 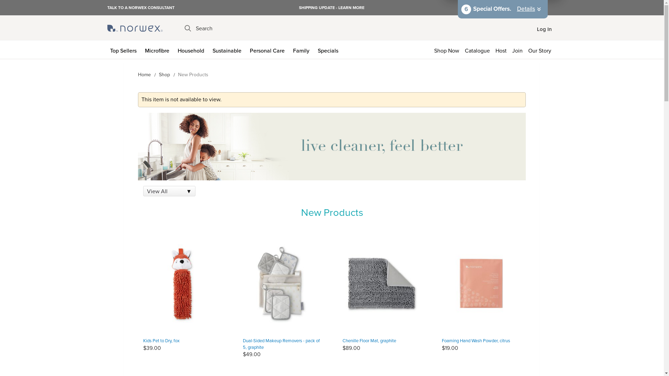 I want to click on 'Family', so click(x=302, y=49).